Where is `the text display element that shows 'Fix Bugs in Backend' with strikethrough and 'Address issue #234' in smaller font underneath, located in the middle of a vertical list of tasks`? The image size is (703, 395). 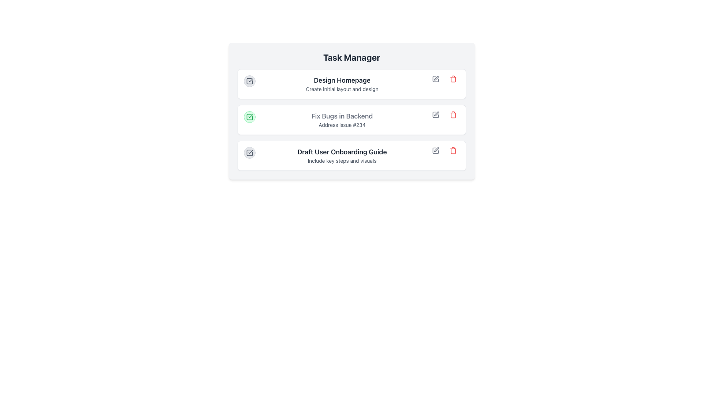 the text display element that shows 'Fix Bugs in Backend' with strikethrough and 'Address issue #234' in smaller font underneath, located in the middle of a vertical list of tasks is located at coordinates (342, 119).